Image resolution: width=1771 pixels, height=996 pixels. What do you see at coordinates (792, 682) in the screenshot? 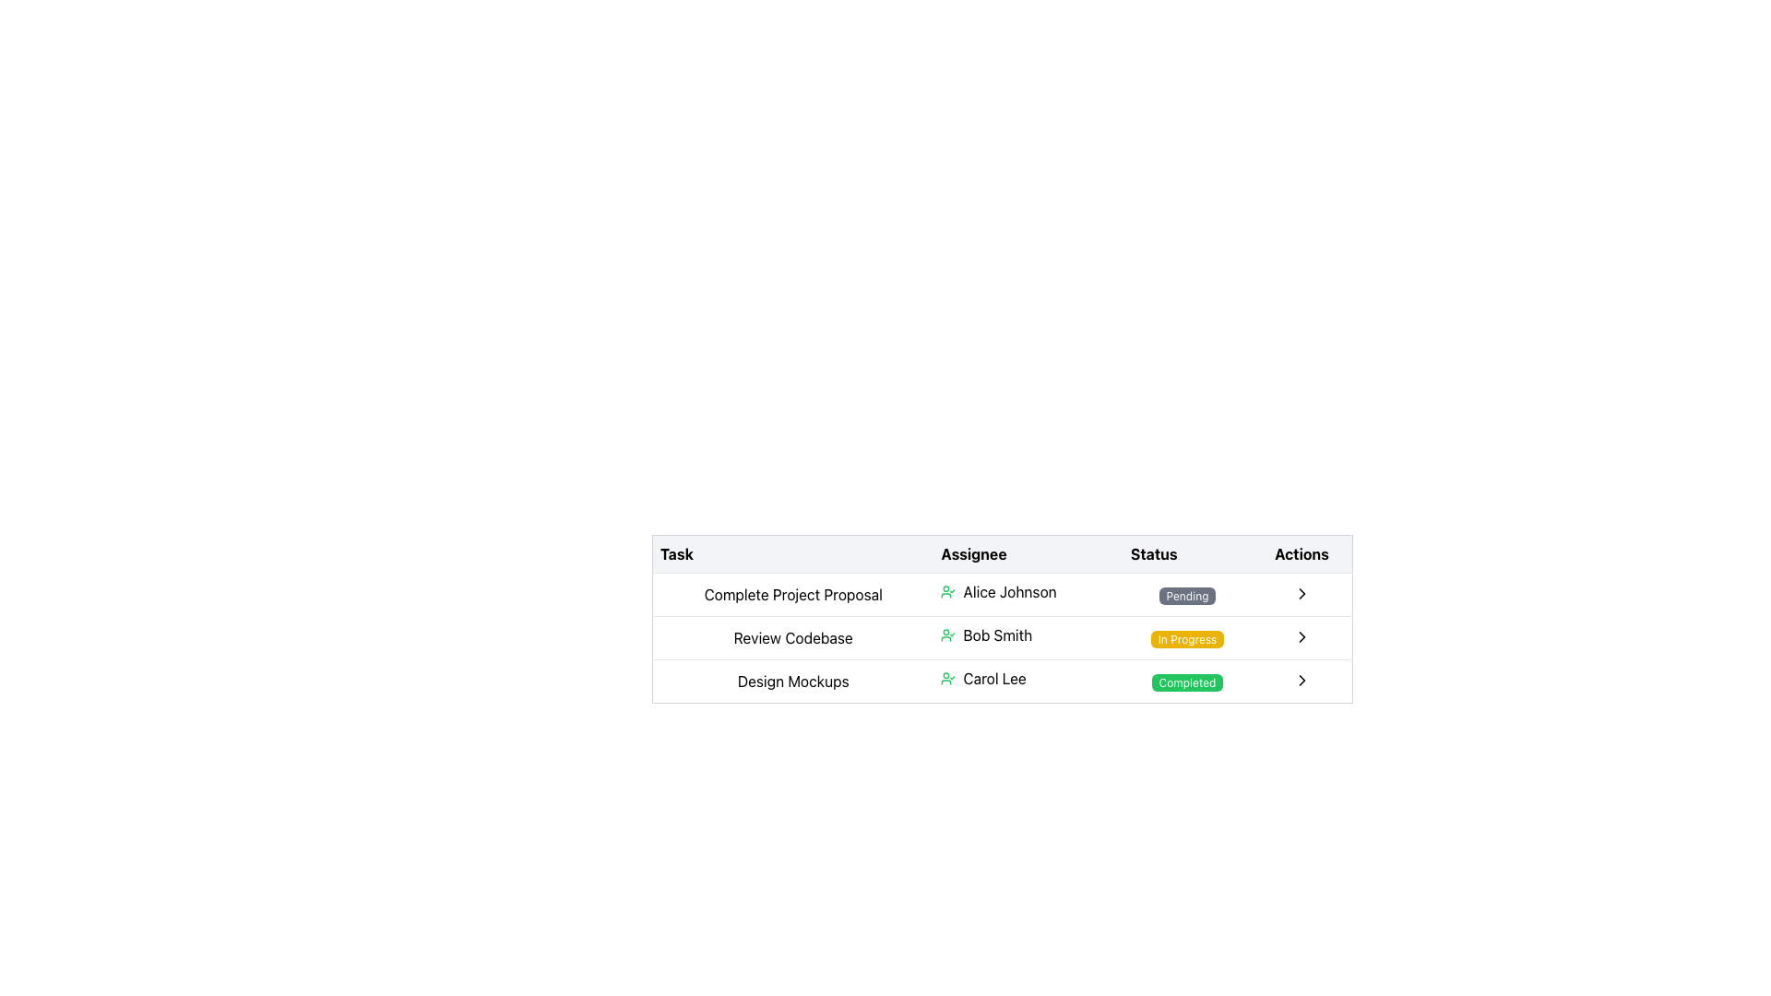
I see `the text label 'Design Mockups' located in the first column of the third row of the table, which is bordered by faint gray lines and has a white background, if it is interactive` at bounding box center [792, 682].